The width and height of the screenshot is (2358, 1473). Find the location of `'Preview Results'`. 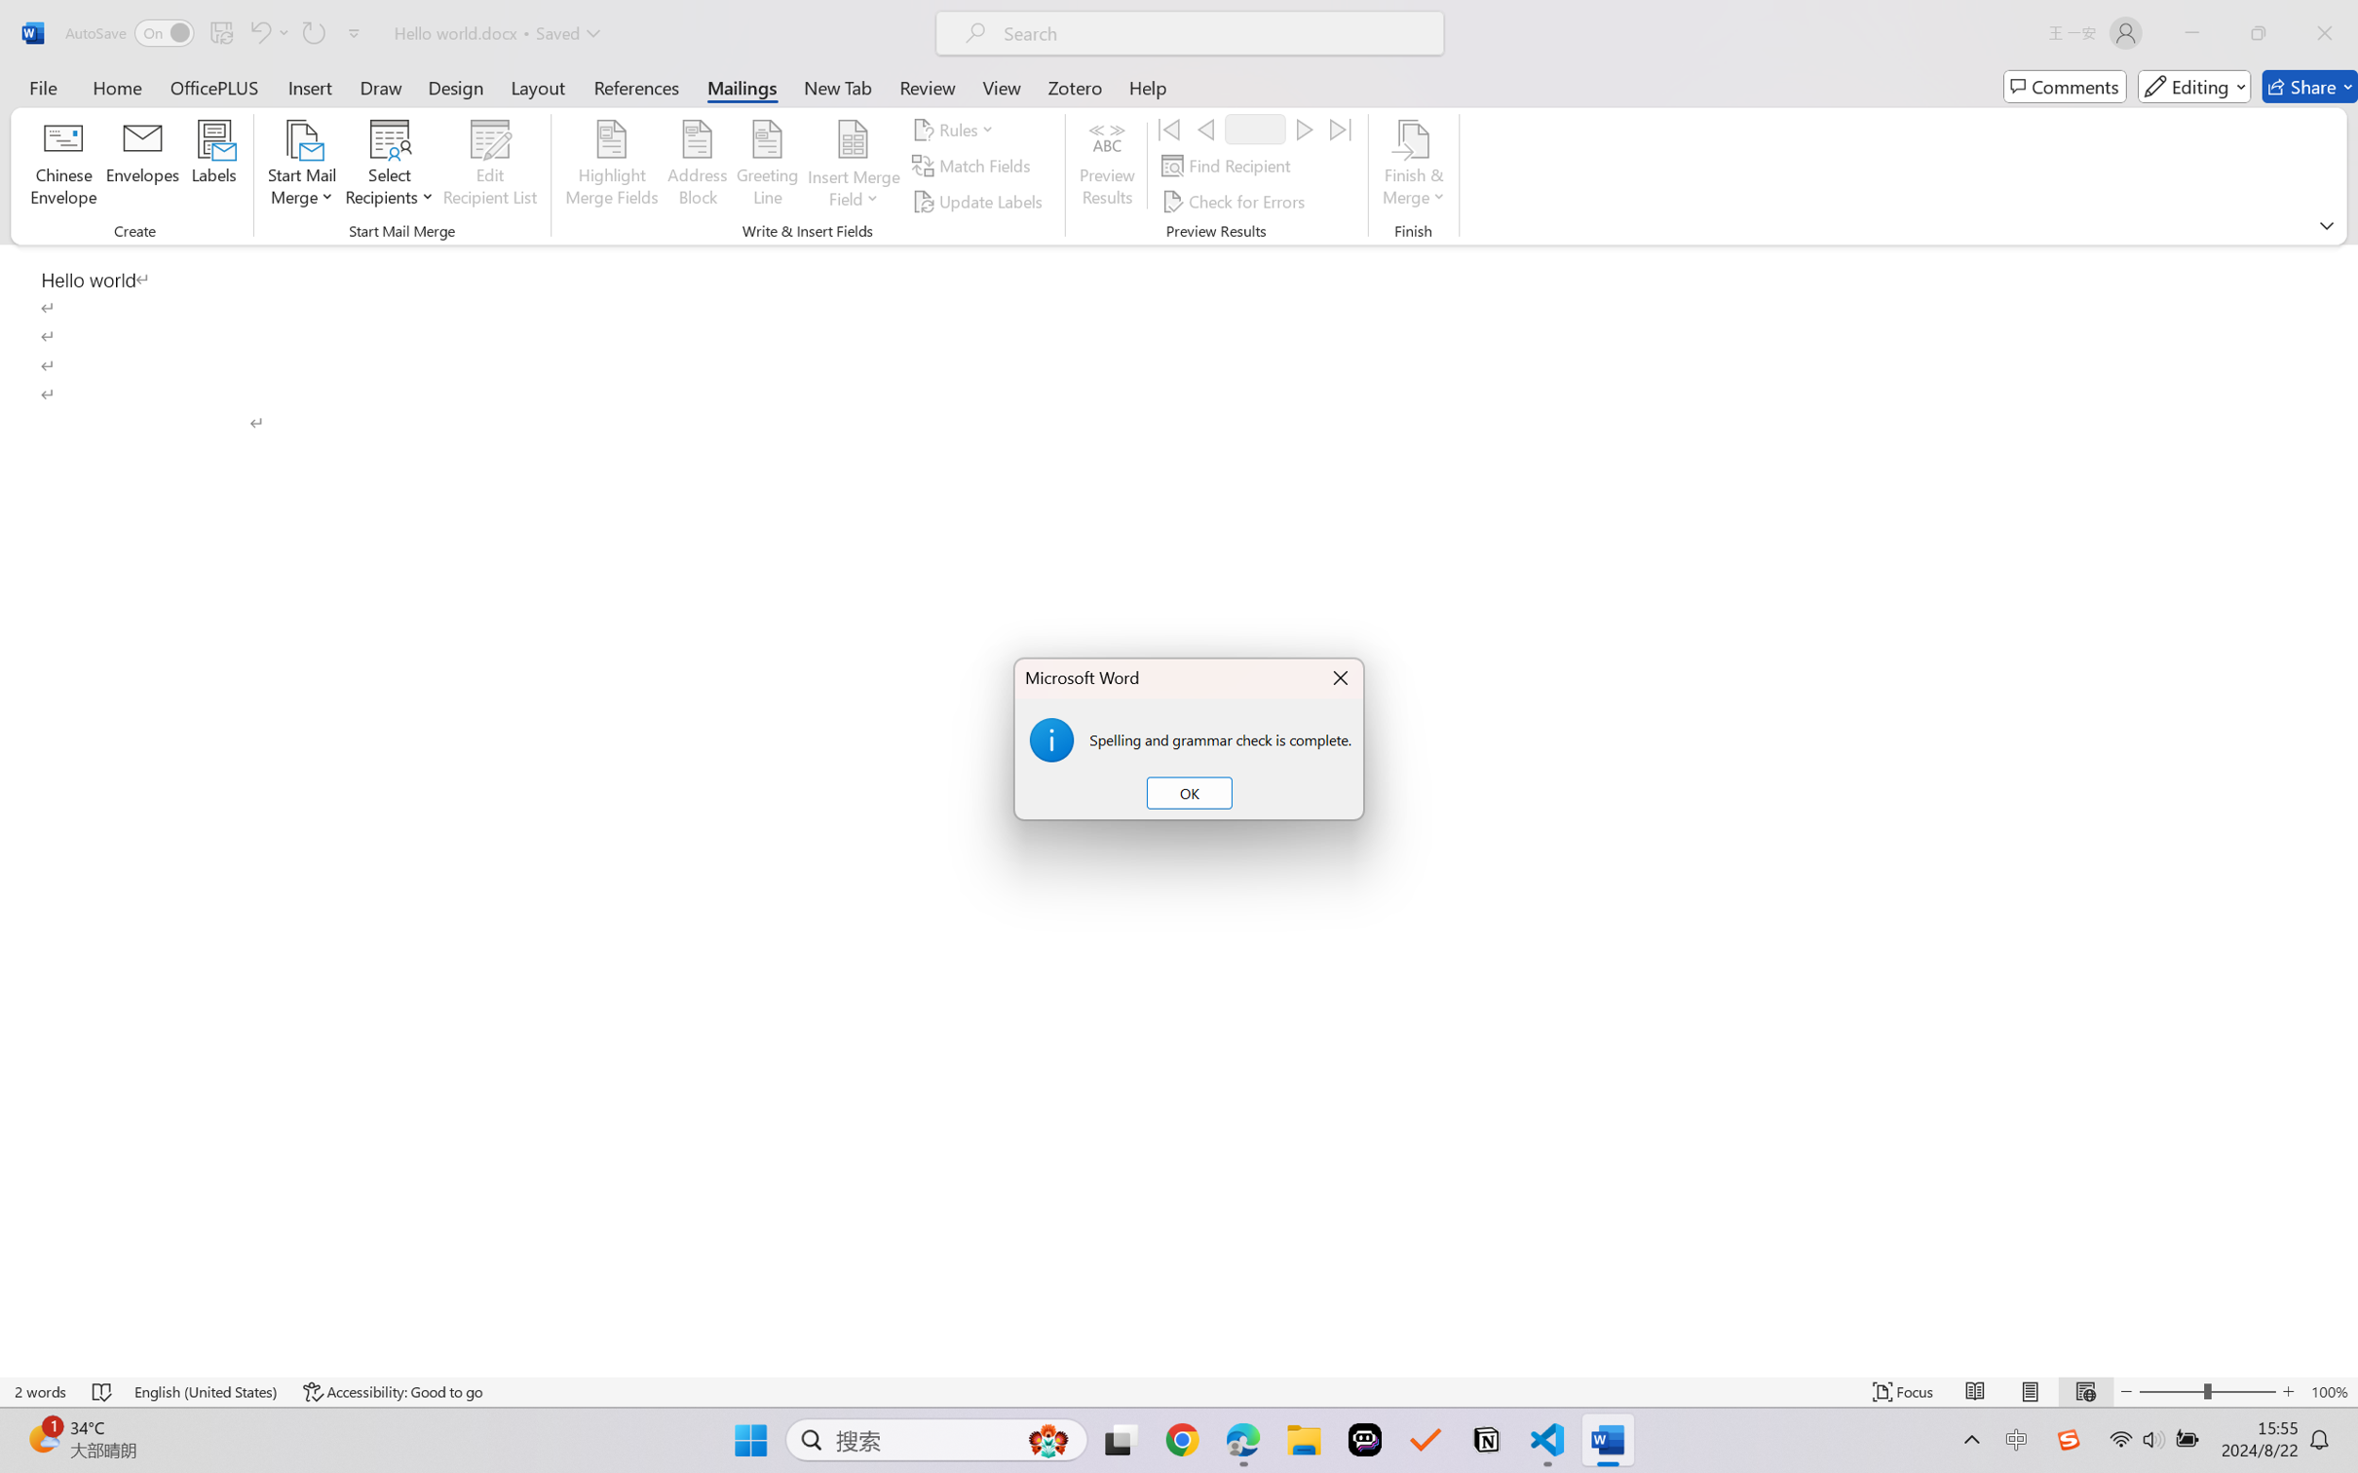

'Preview Results' is located at coordinates (1108, 166).